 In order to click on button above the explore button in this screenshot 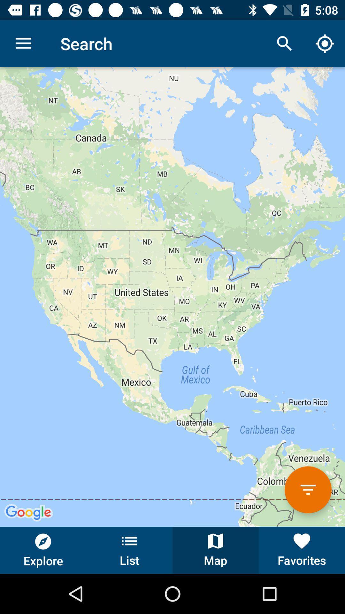, I will do `click(172, 296)`.